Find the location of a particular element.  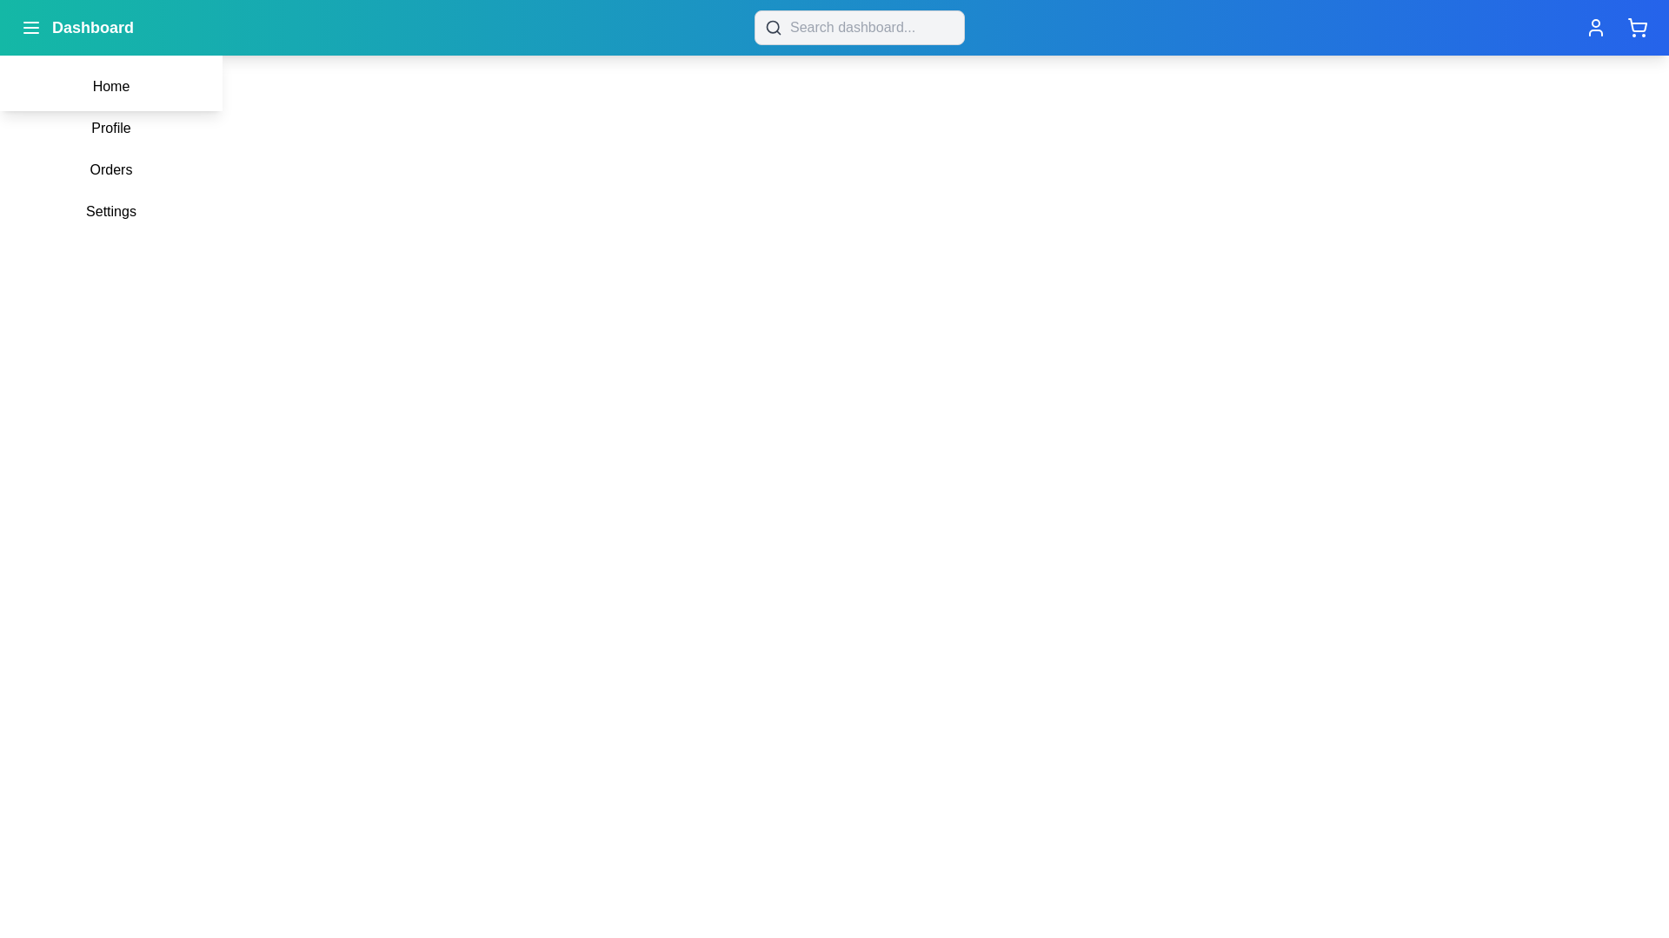

the 'Settings' menu item, which is the fourth item in a vertical menu list is located at coordinates (110, 210).